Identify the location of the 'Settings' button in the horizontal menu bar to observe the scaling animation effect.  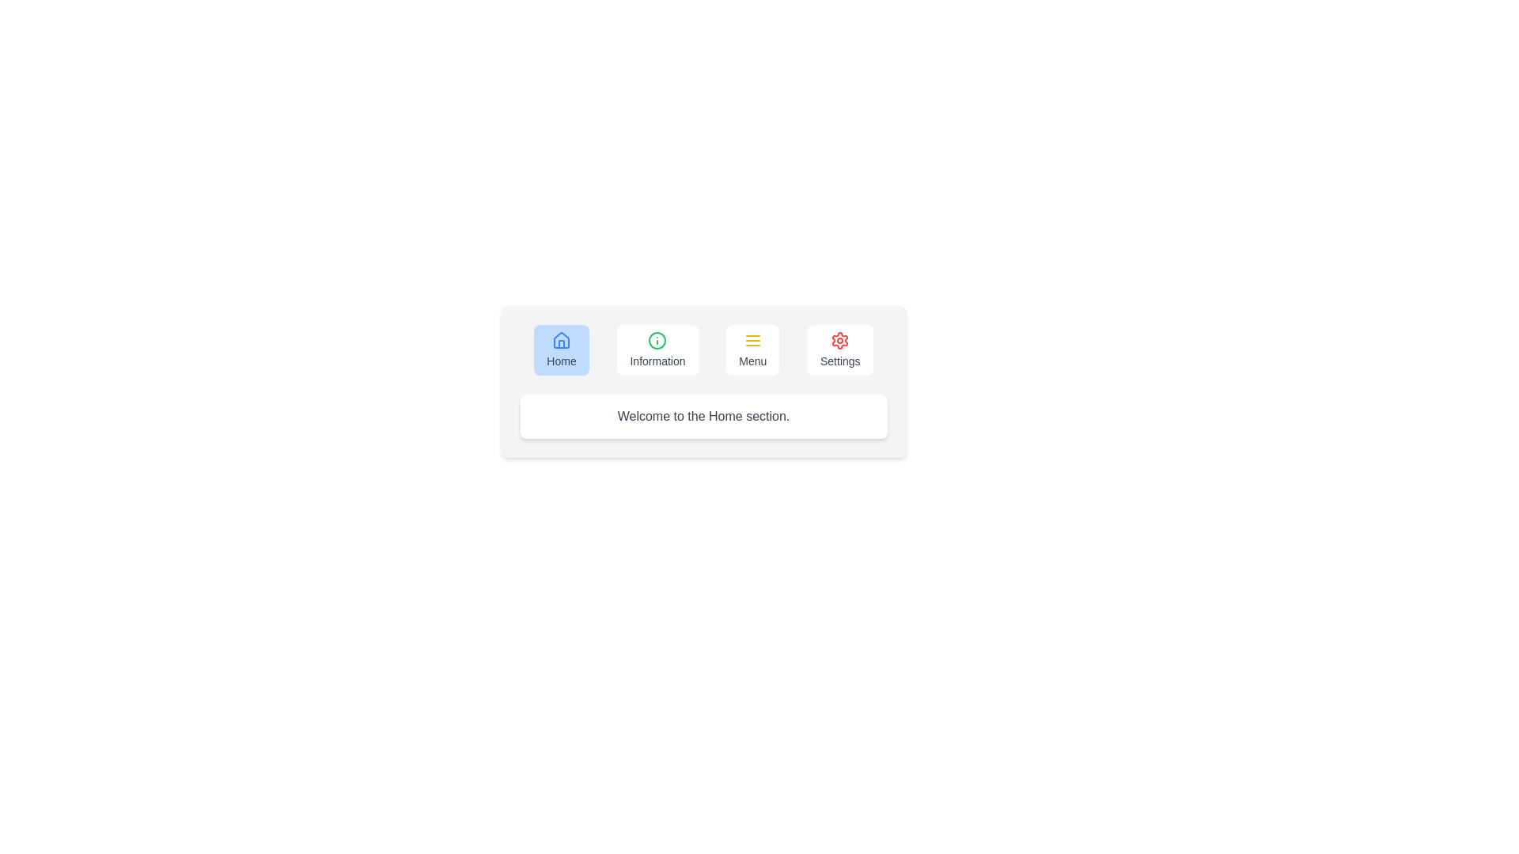
(839, 350).